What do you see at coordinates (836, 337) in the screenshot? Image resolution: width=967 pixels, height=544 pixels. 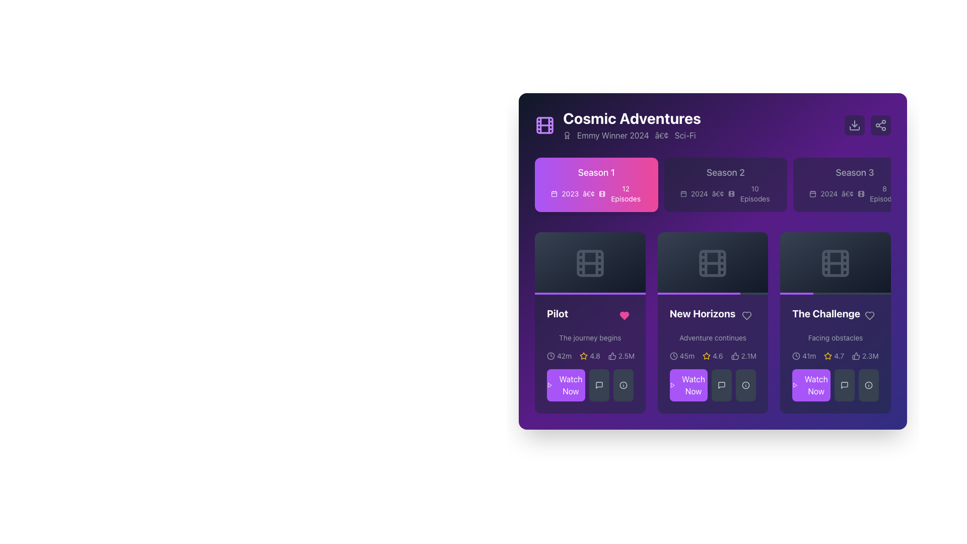 I see `the descriptive text label located under 'The Challenge' title in the third card of the second row, which provides context for the challenge` at bounding box center [836, 337].